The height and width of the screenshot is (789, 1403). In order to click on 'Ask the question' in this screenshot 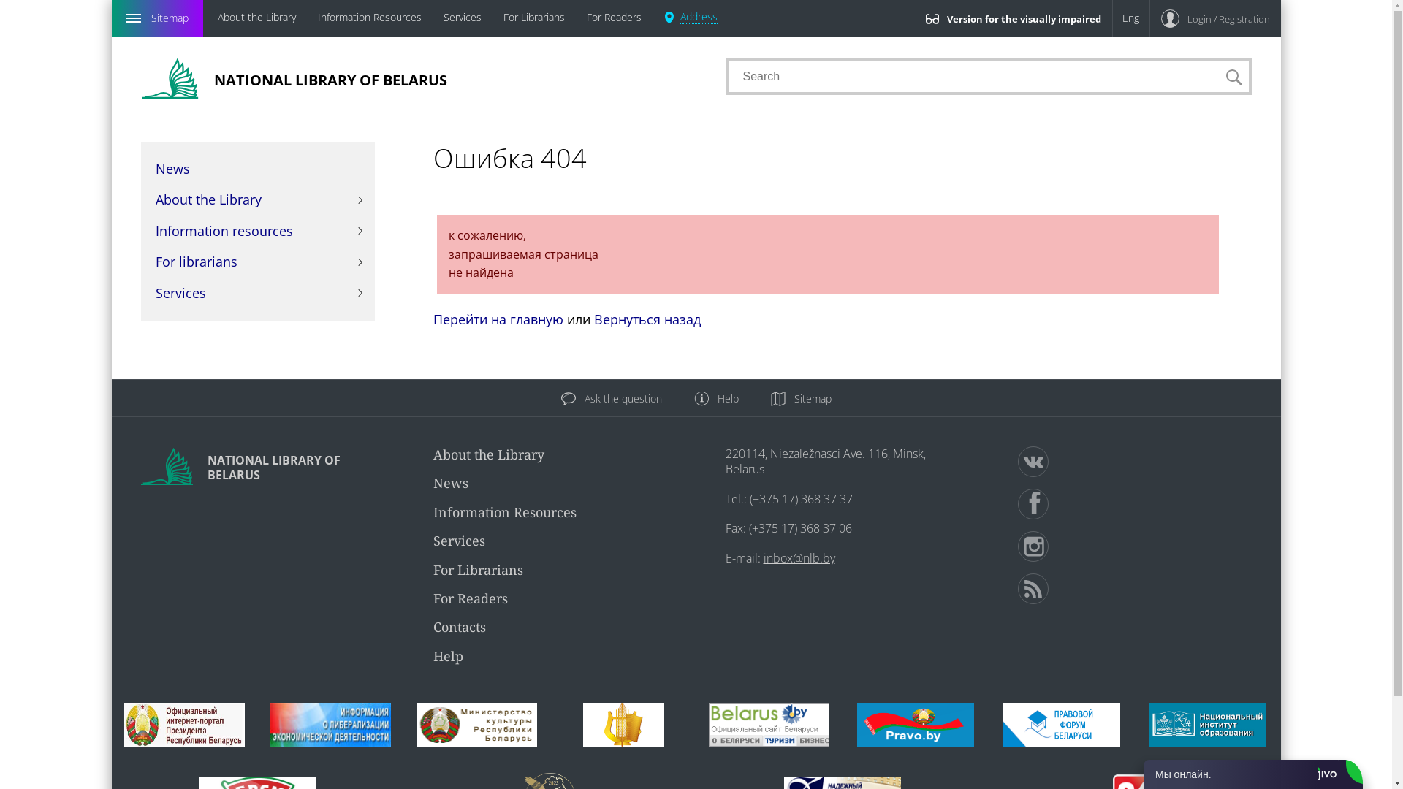, I will do `click(611, 398)`.